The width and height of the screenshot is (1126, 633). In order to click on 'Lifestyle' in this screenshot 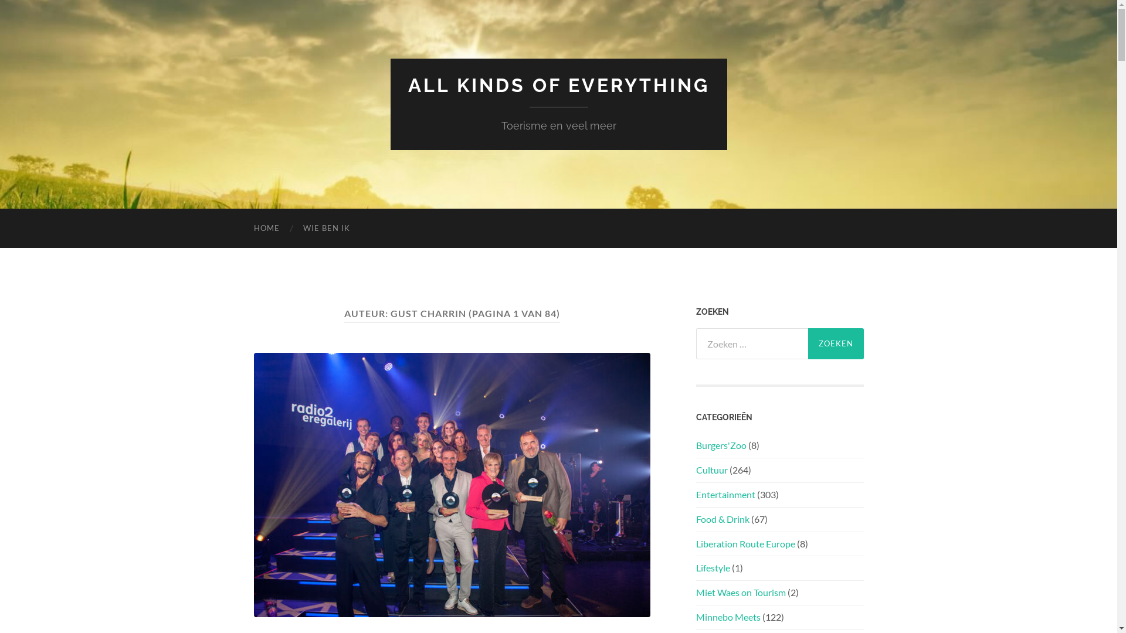, I will do `click(711, 567)`.